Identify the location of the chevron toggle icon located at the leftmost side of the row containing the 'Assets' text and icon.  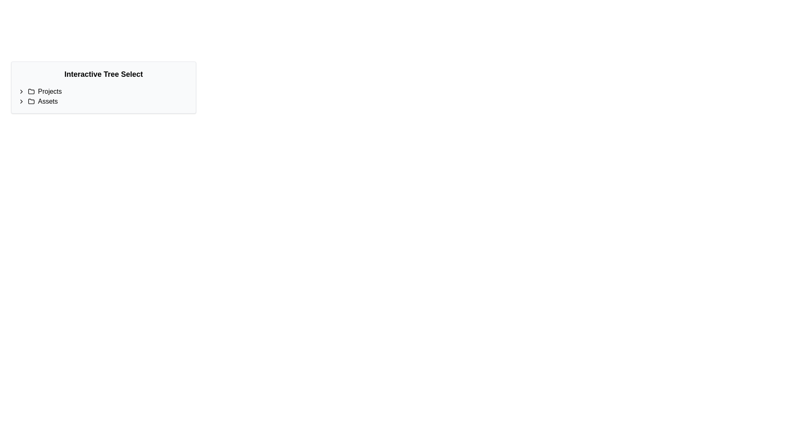
(21, 101).